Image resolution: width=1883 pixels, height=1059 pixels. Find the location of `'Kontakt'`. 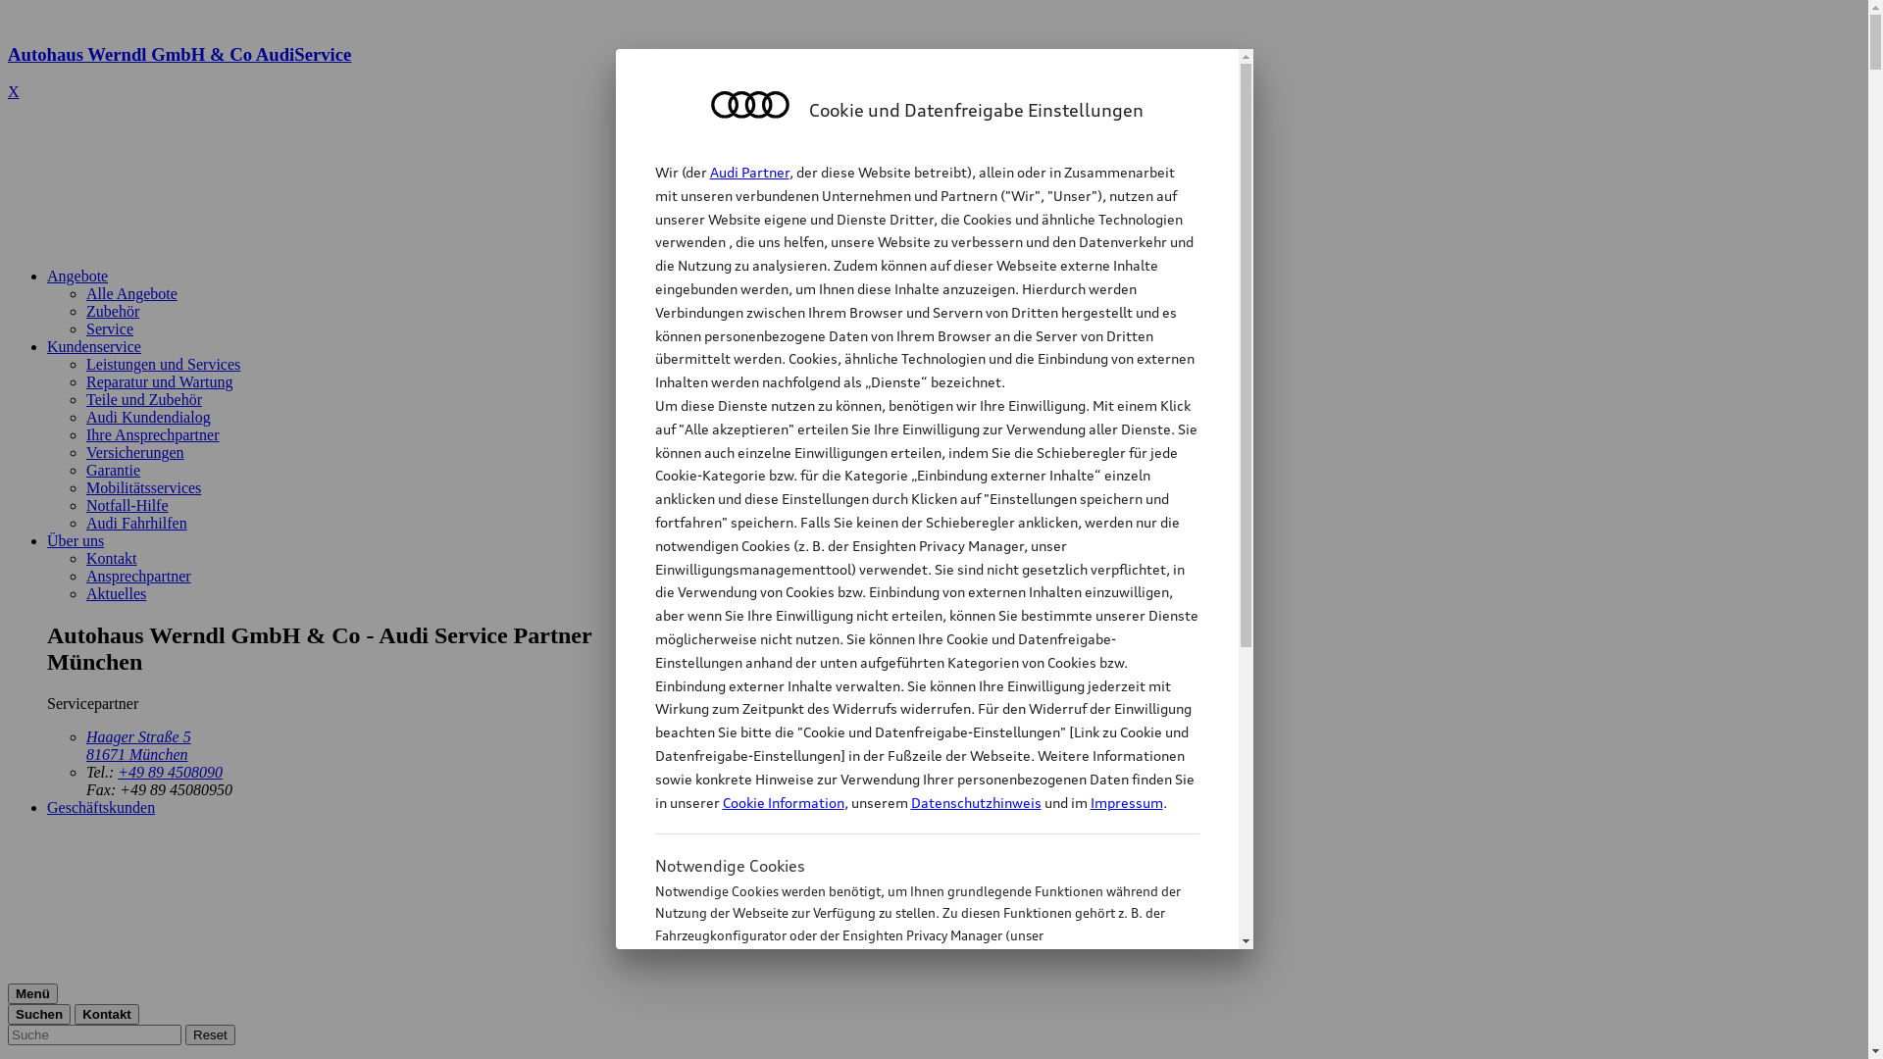

'Kontakt' is located at coordinates (111, 558).